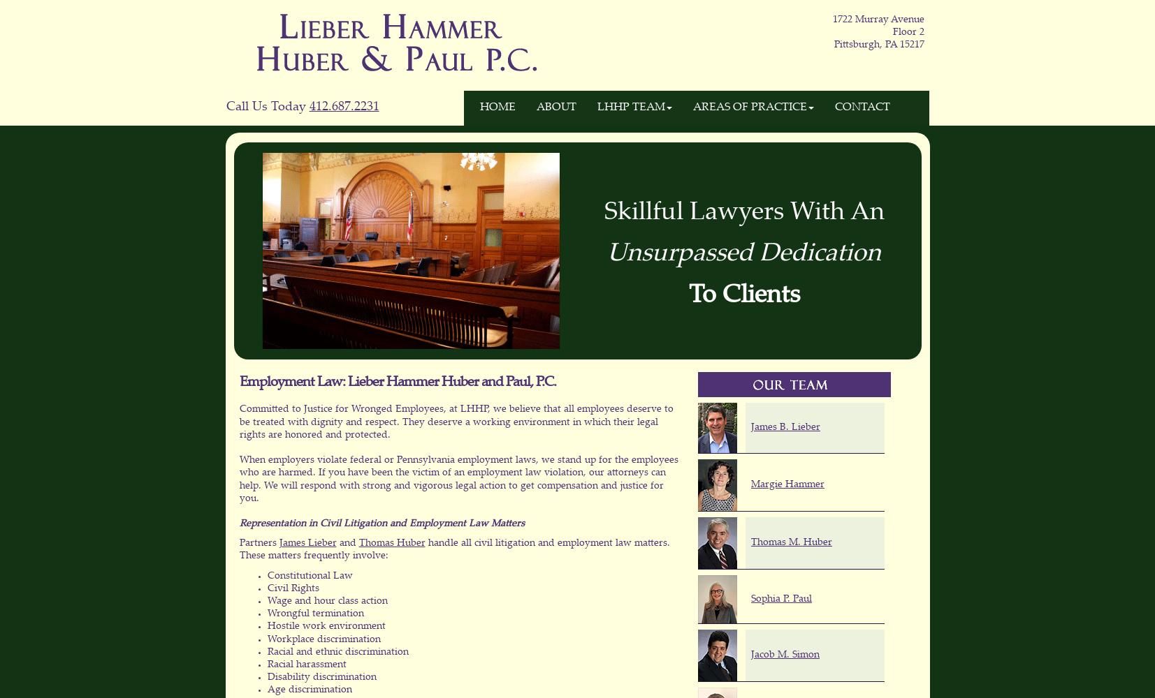 This screenshot has height=698, width=1155. I want to click on 'Call Us Today', so click(224, 107).